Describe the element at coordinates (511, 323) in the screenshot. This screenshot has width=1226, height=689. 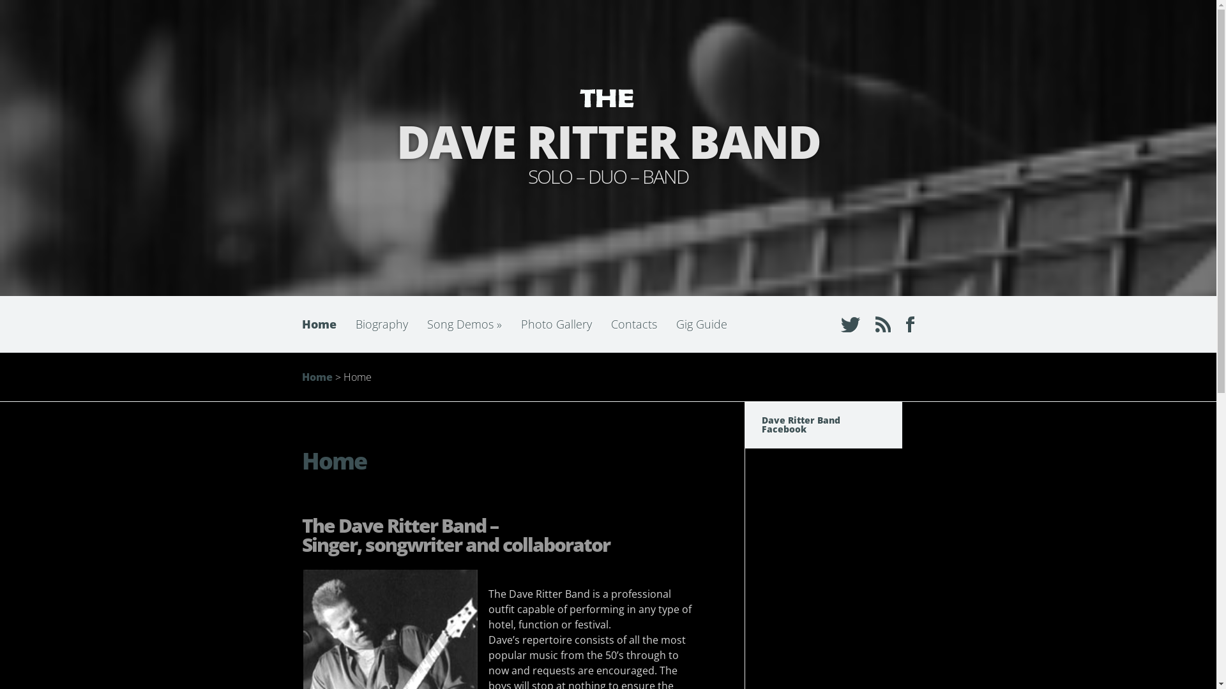
I see `'Photo Gallery'` at that location.